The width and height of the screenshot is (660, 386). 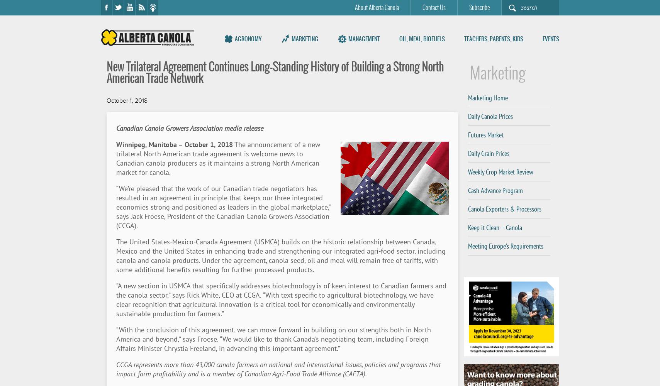 What do you see at coordinates (247, 38) in the screenshot?
I see `'Agronomy'` at bounding box center [247, 38].